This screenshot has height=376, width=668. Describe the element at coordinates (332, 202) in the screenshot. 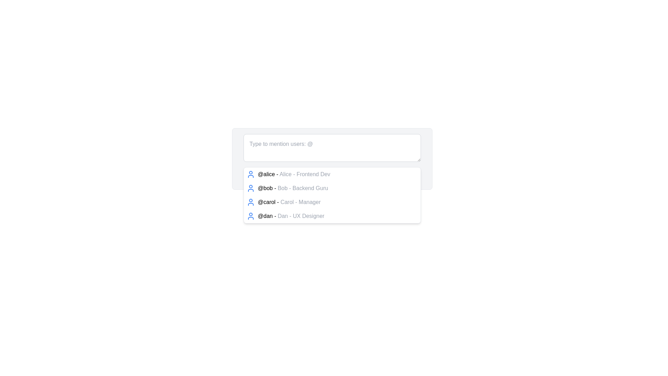

I see `the third selectable user option in the mention dropdown menu` at that location.